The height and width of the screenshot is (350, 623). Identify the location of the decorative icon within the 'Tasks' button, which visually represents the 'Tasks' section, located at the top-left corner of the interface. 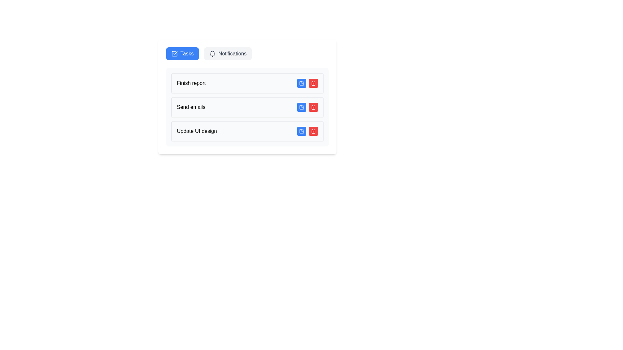
(174, 53).